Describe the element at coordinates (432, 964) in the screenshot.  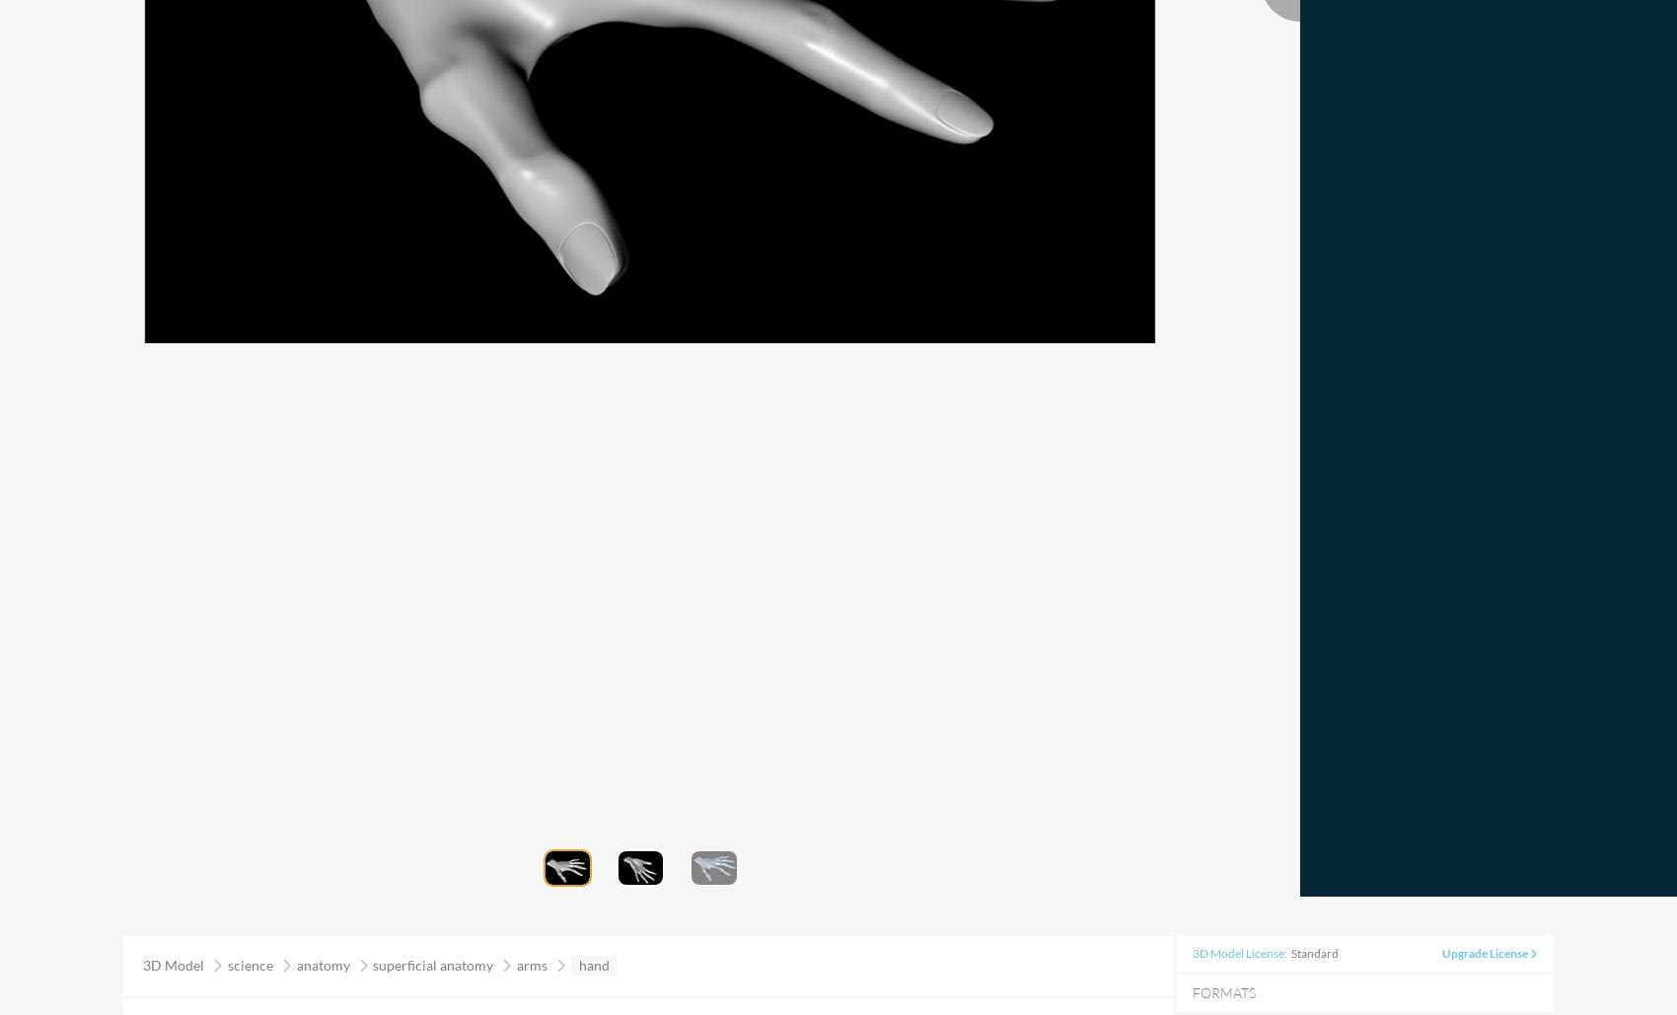
I see `'superficial anatomy'` at that location.